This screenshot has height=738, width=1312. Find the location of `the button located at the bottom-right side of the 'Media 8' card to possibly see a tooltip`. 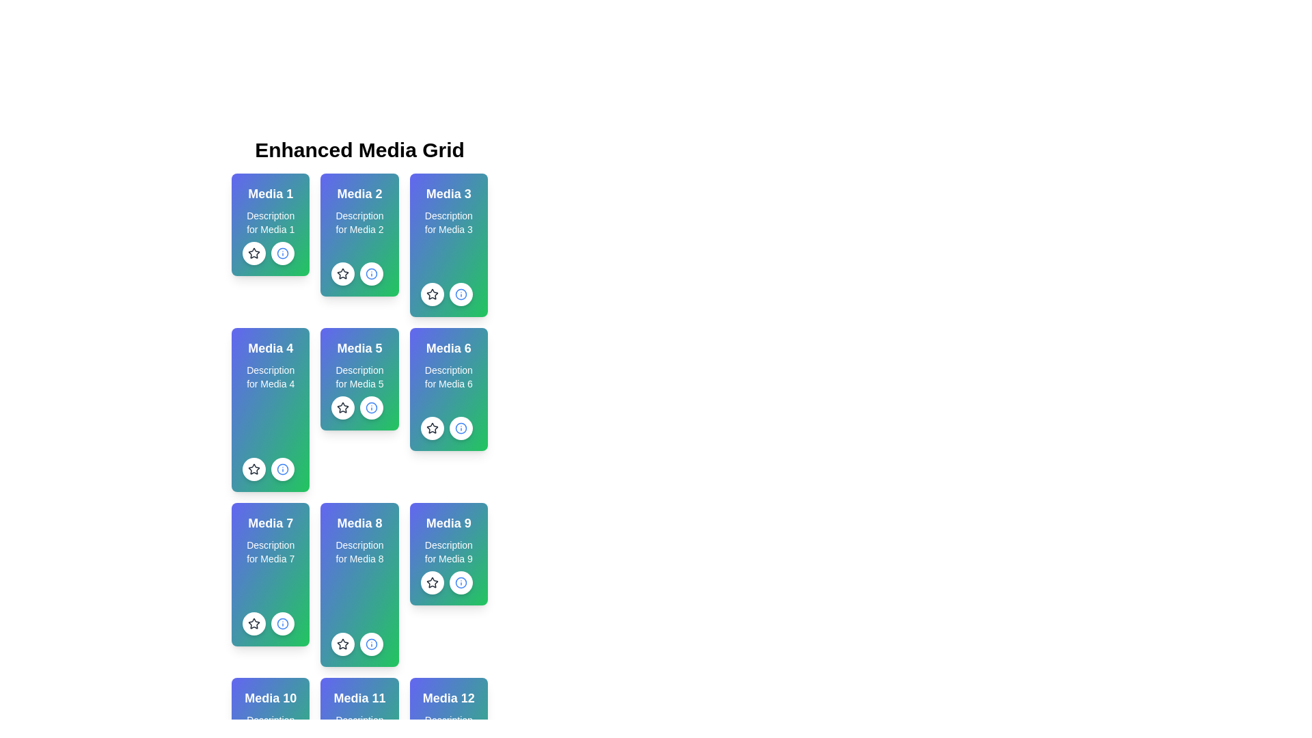

the button located at the bottom-right side of the 'Media 8' card to possibly see a tooltip is located at coordinates (372, 644).